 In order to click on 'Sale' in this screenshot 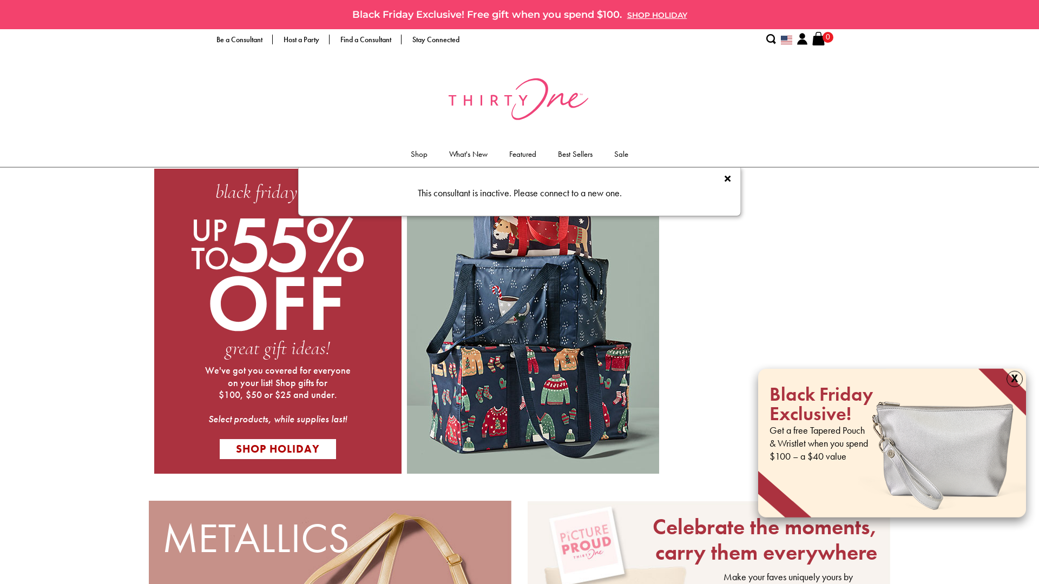, I will do `click(608, 157)`.